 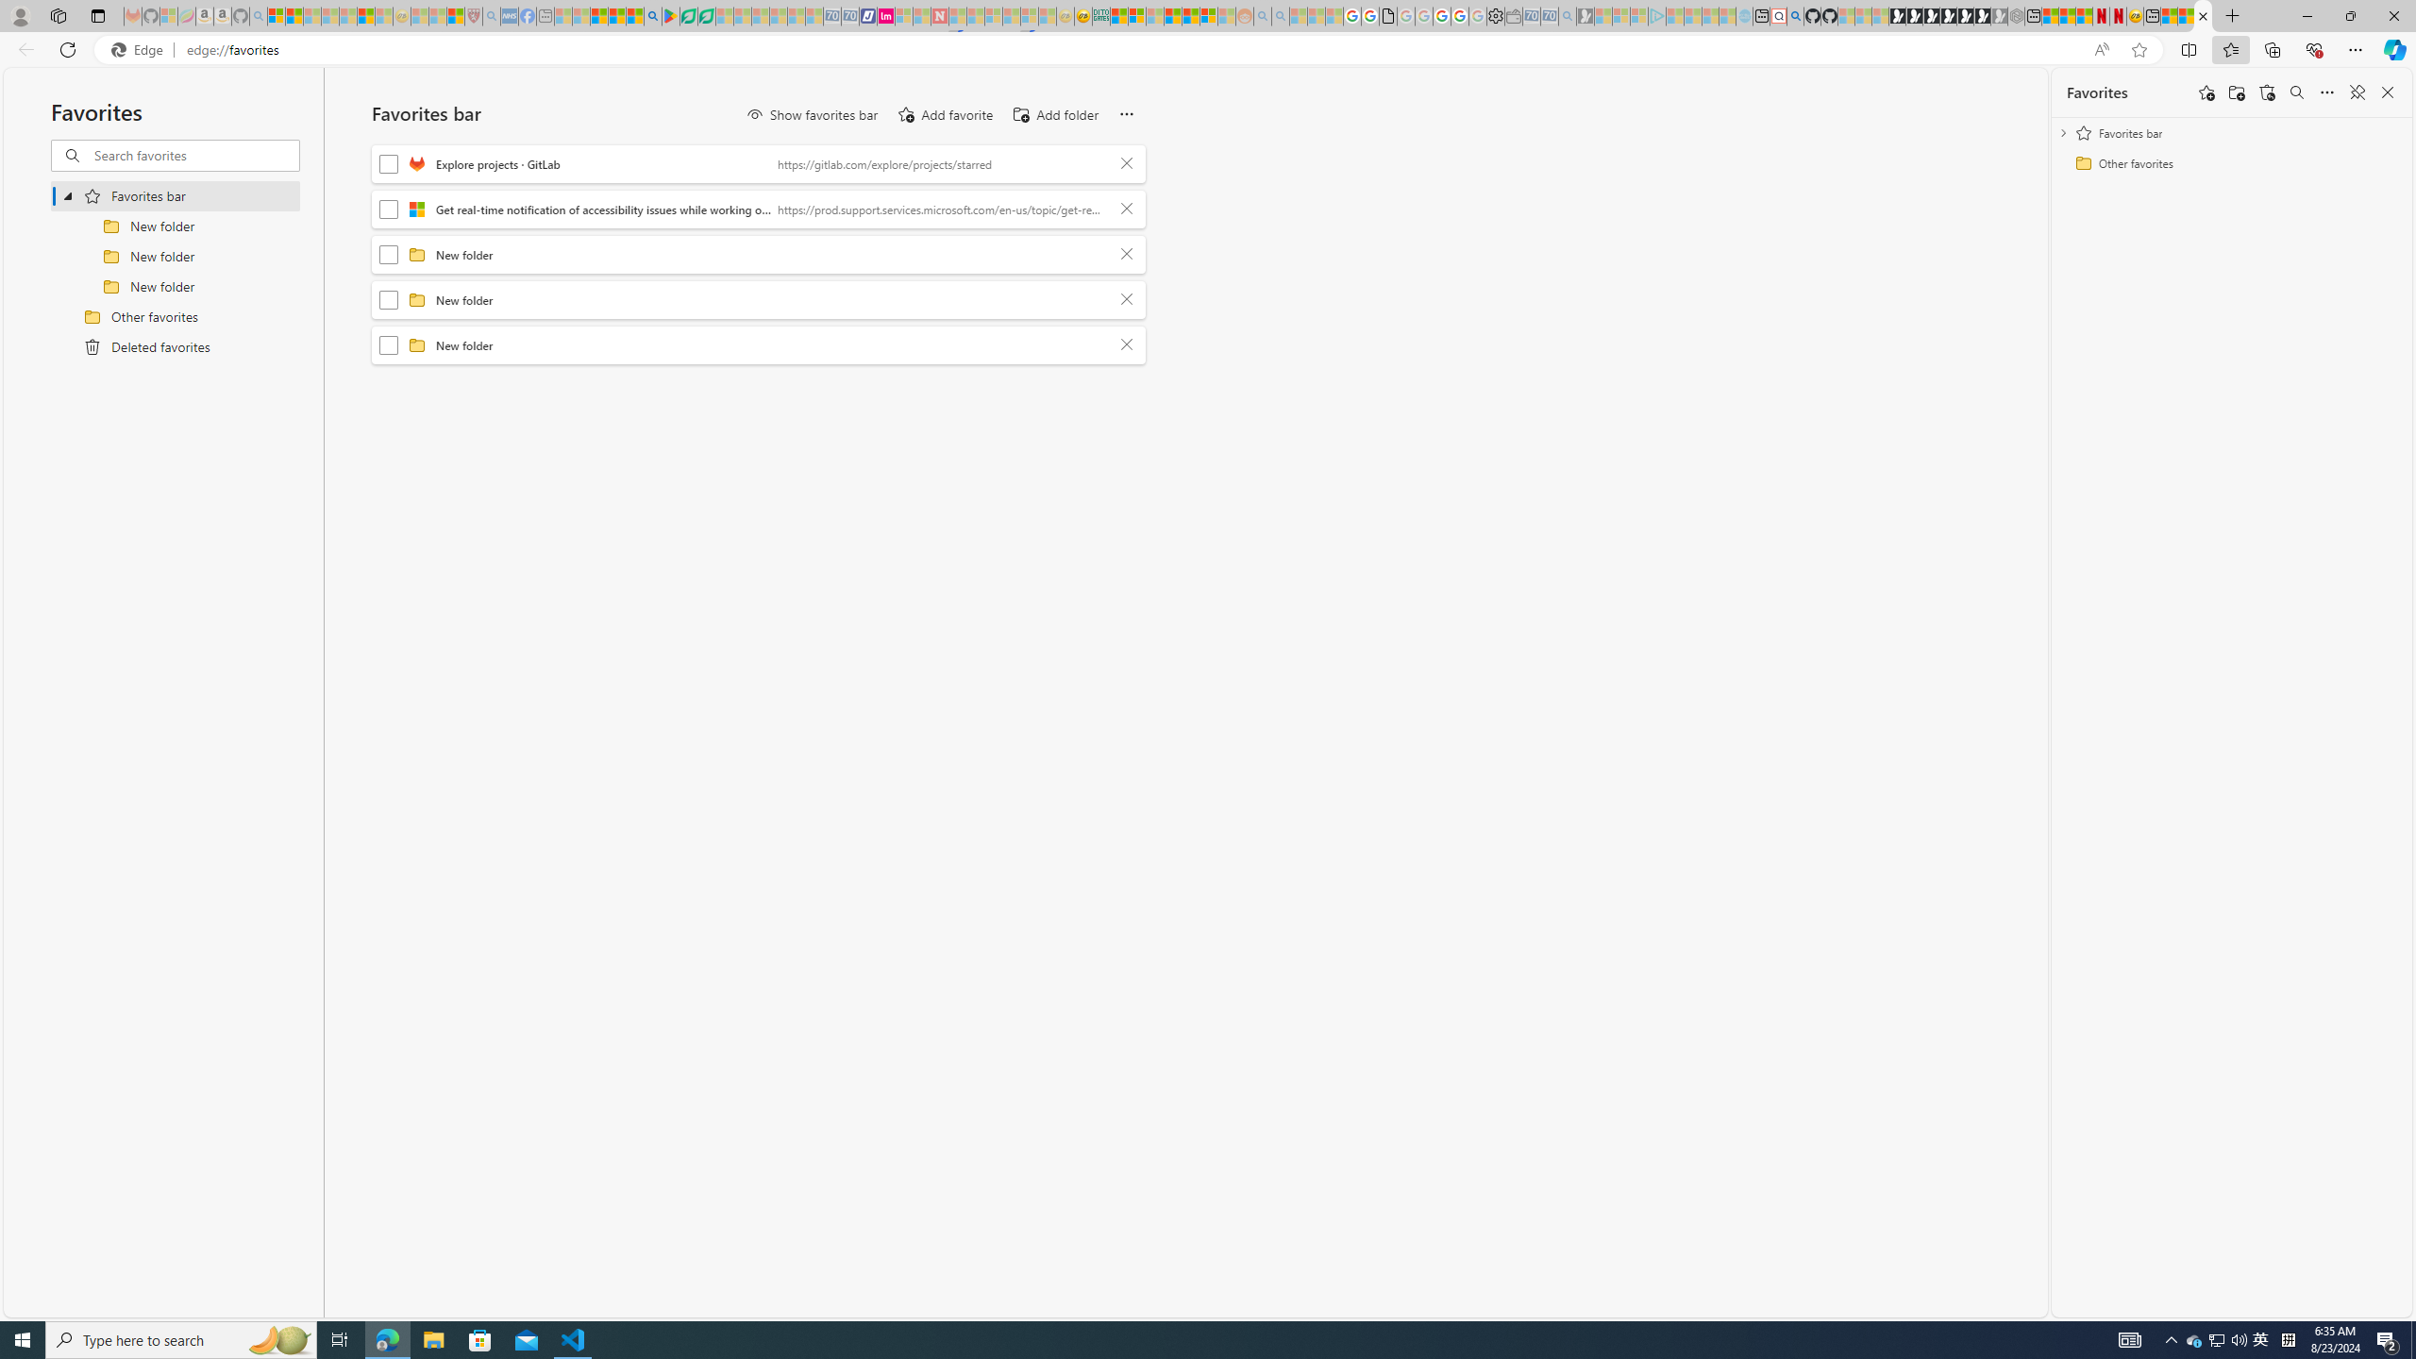 What do you see at coordinates (976, 15) in the screenshot?
I see `'14 Common Myths Debunked By Scientific Facts - Sleeping'` at bounding box center [976, 15].